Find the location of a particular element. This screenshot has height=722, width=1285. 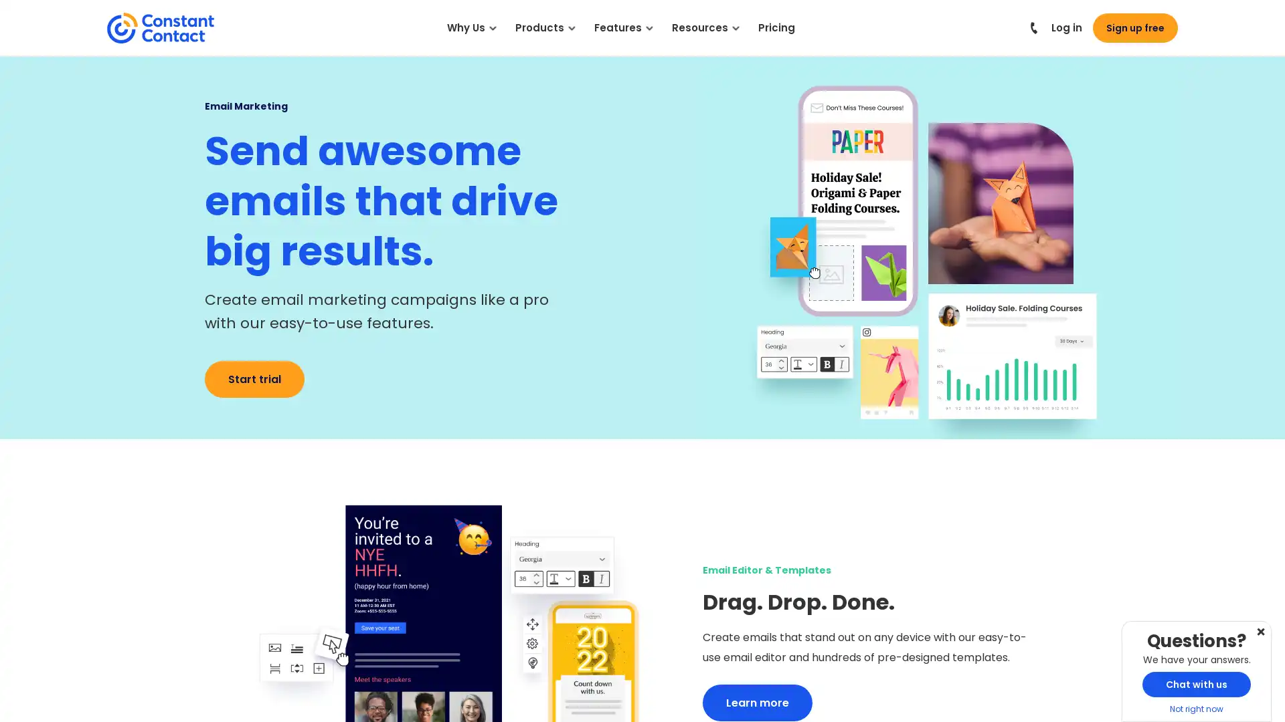

Not right now is located at coordinates (1196, 708).